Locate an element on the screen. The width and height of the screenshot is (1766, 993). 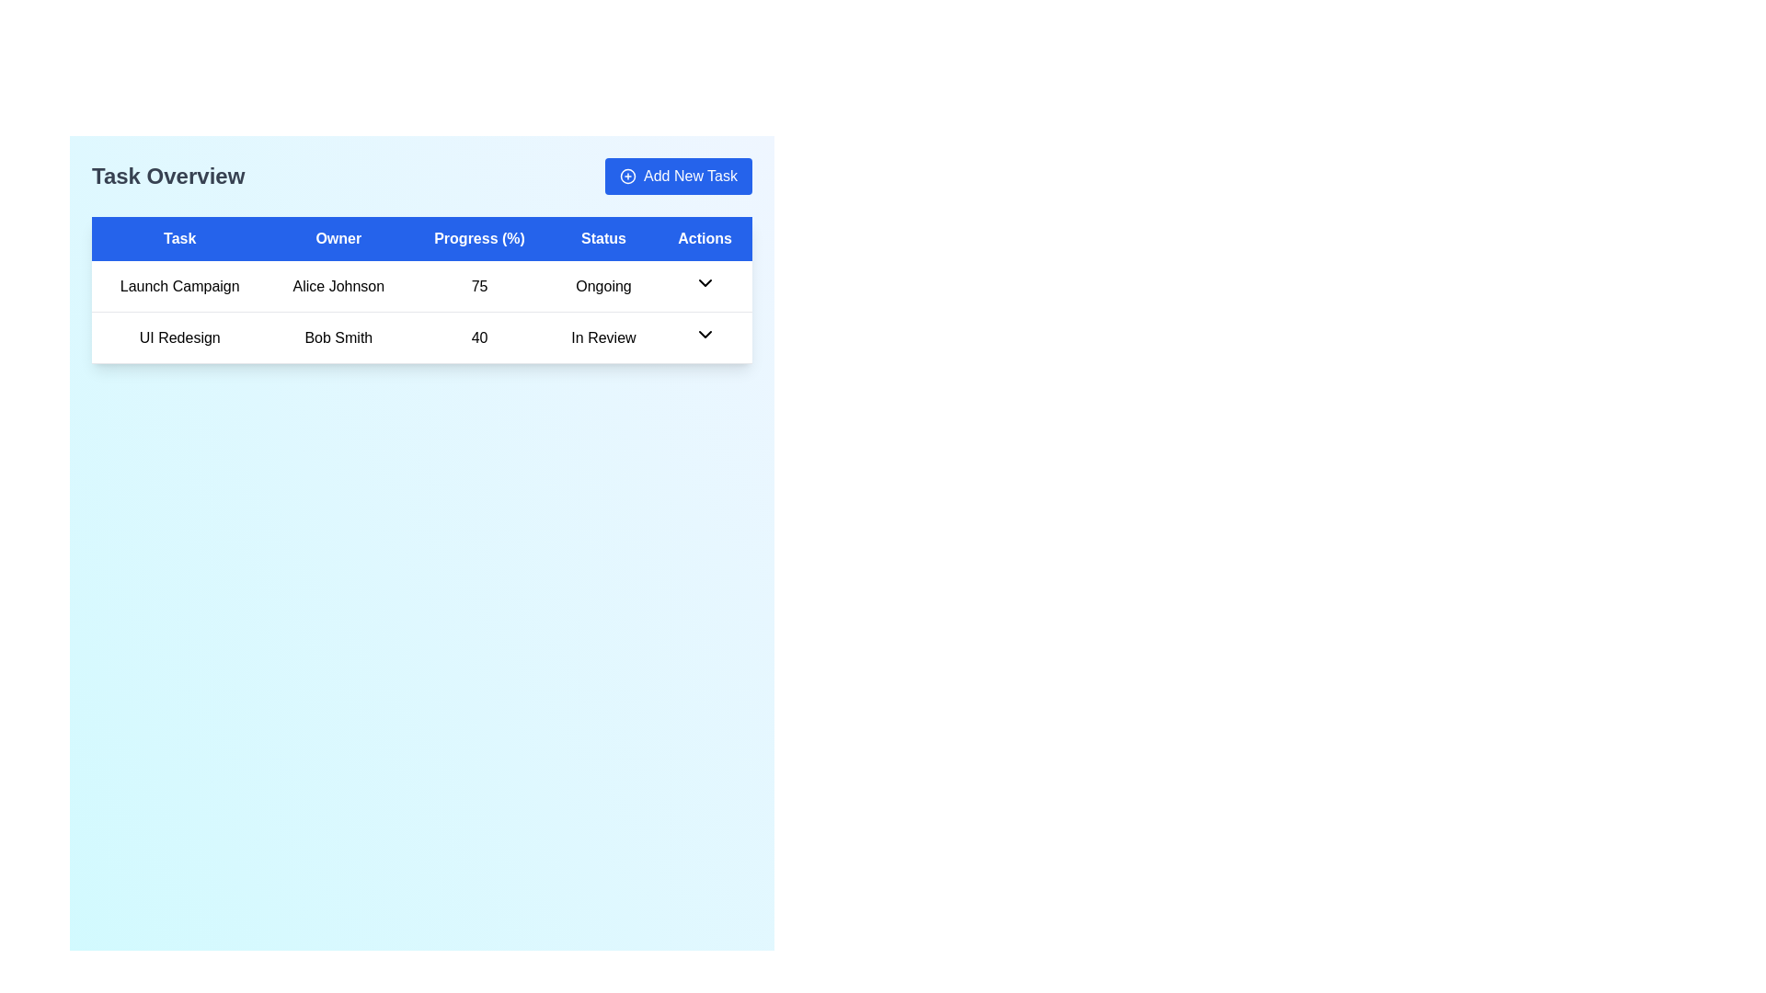
the static text content displaying the numeric value '75' in the 'Progress (%)' column of the first row in the table associated with the task 'Launch Campaign' is located at coordinates (479, 286).